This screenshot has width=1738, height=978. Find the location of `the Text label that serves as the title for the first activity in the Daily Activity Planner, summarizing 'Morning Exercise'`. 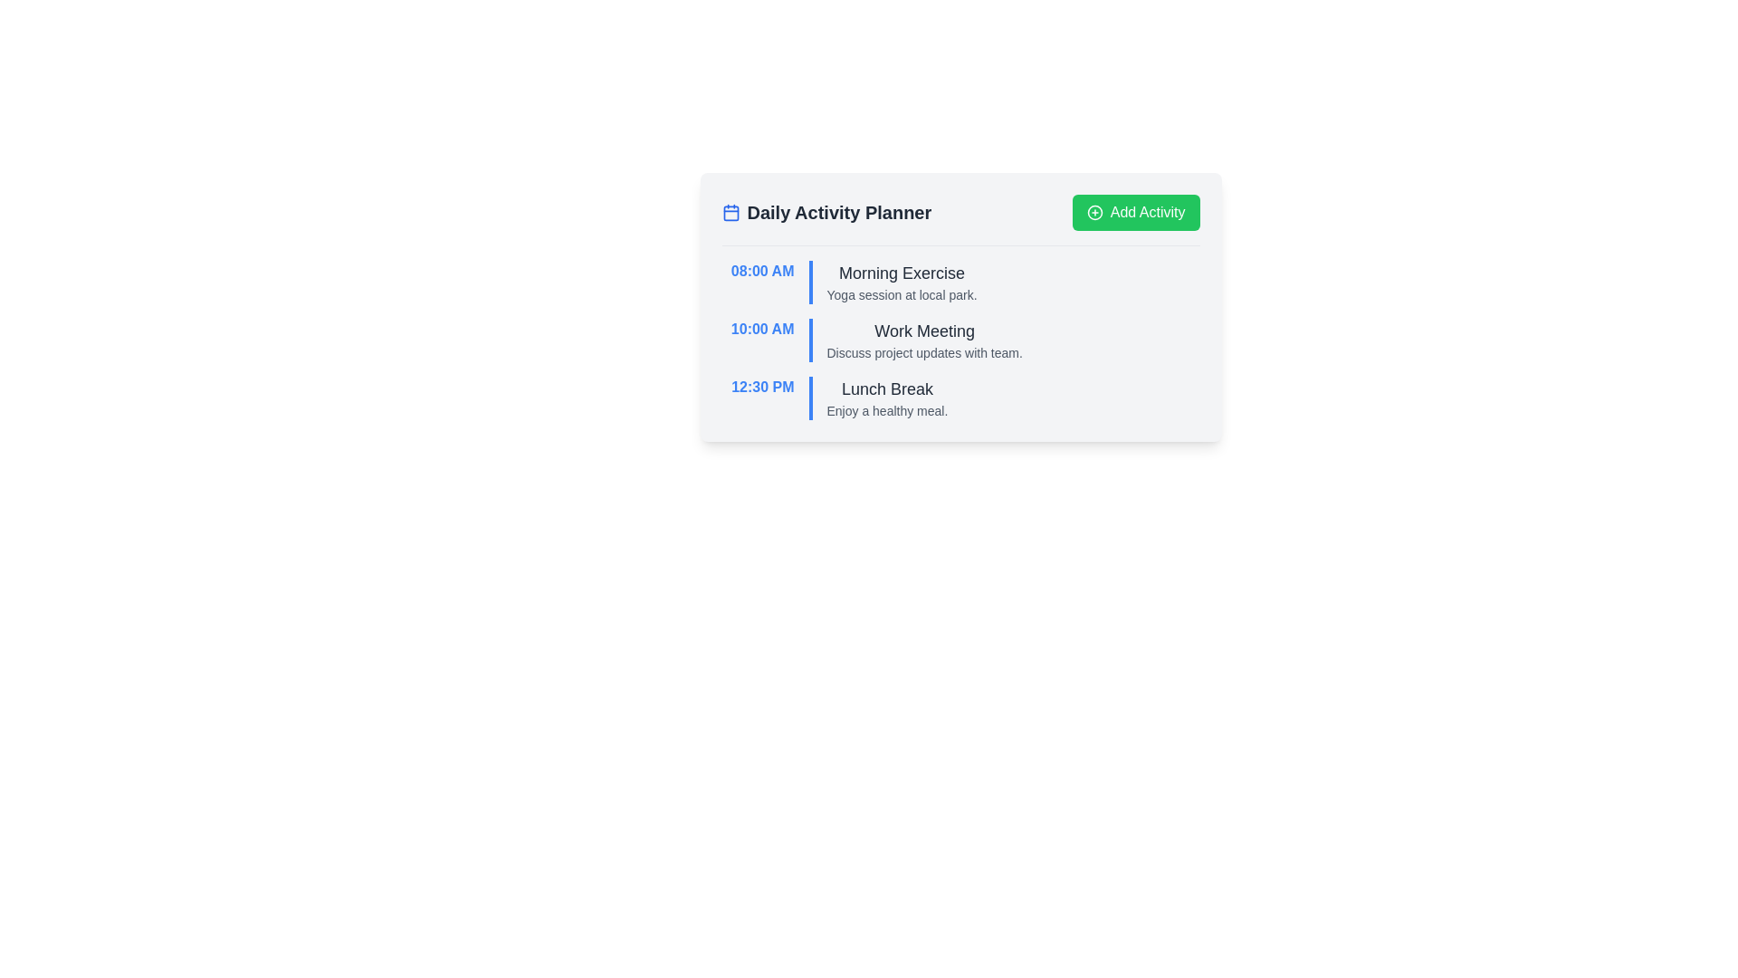

the Text label that serves as the title for the first activity in the Daily Activity Planner, summarizing 'Morning Exercise' is located at coordinates (902, 273).